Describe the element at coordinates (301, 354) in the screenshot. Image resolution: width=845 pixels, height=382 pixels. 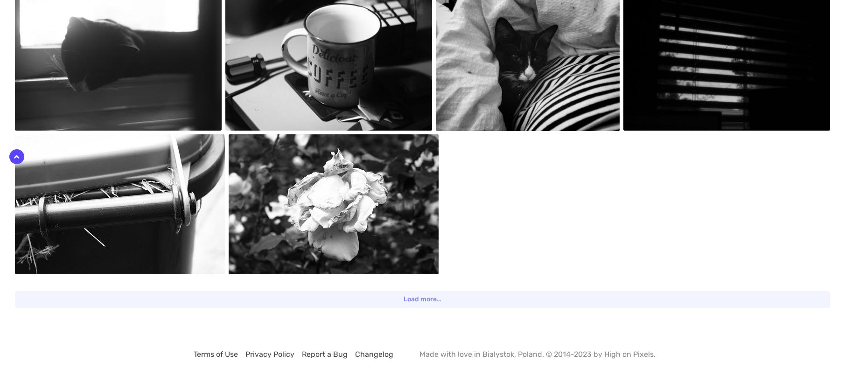
I see `'Report a Bug'` at that location.